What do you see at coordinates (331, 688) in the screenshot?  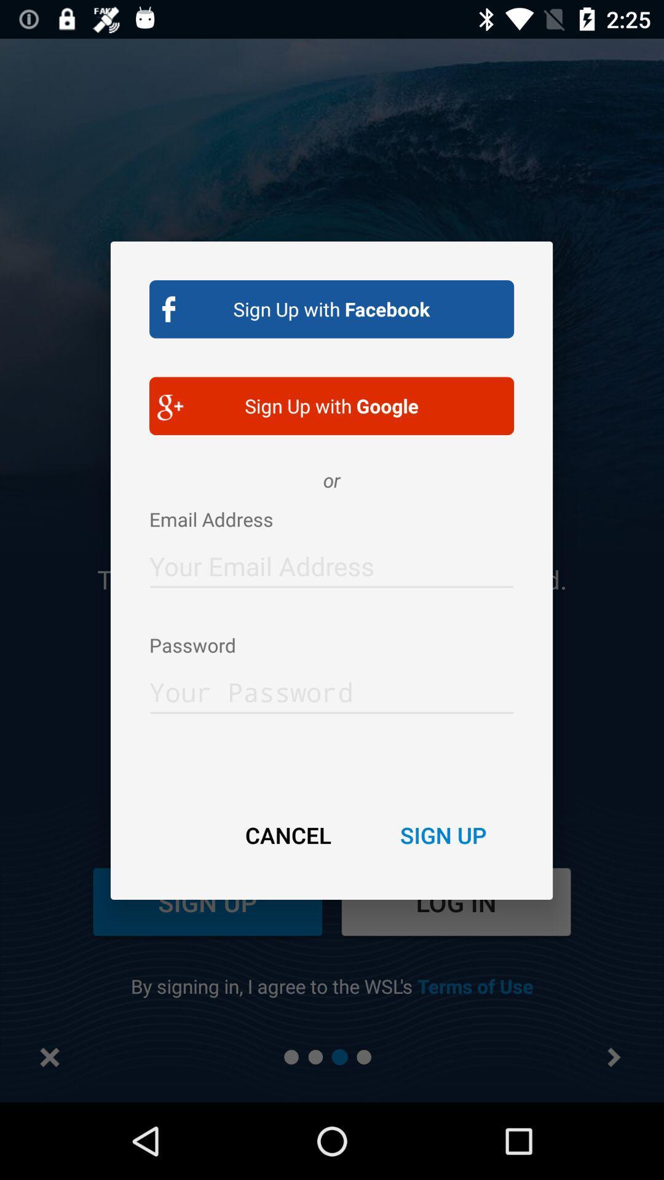 I see `type your password` at bounding box center [331, 688].